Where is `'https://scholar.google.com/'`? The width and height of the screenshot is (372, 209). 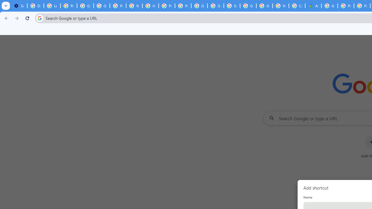 'https://scholar.google.com/' is located at coordinates (151, 6).